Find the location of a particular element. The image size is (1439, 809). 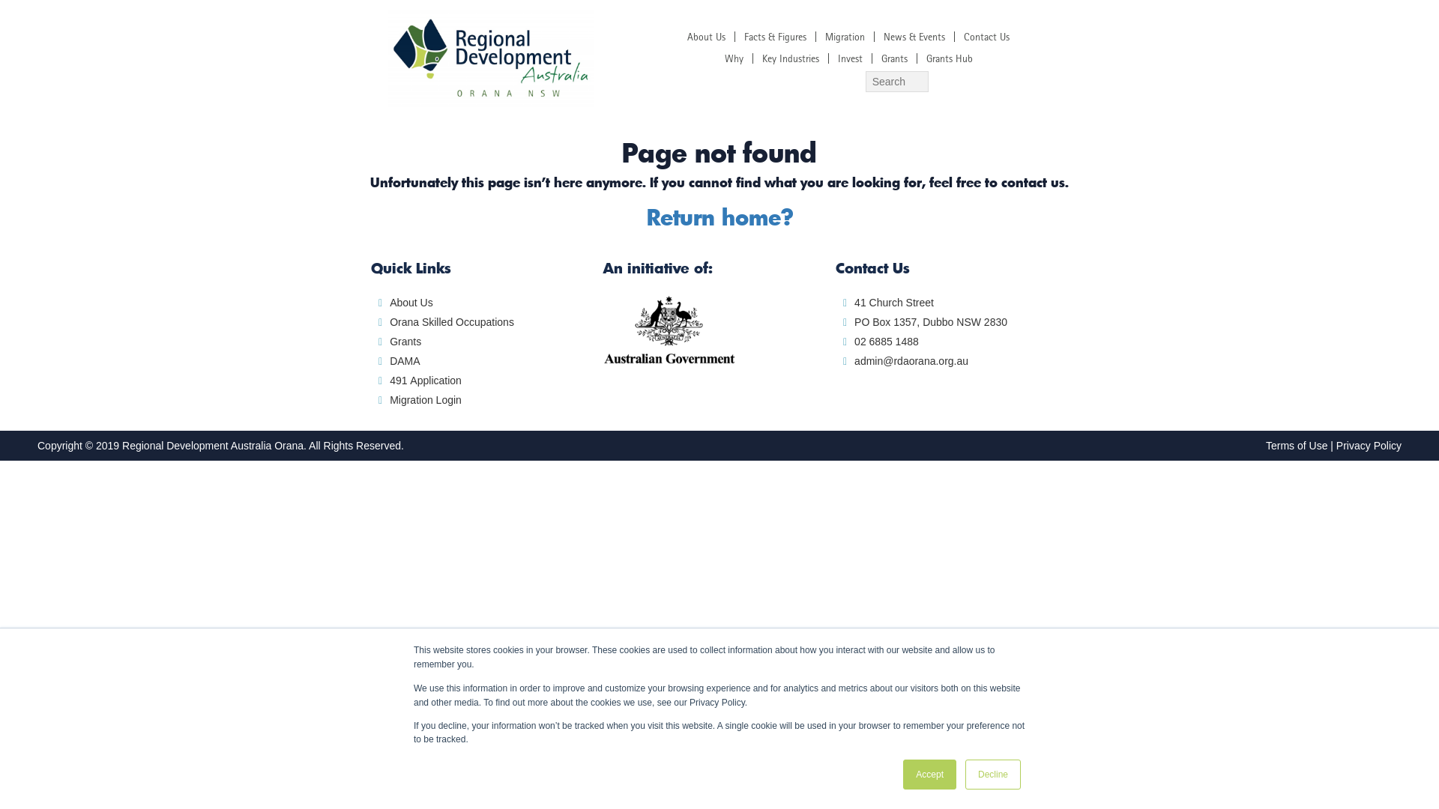

'DAMA' is located at coordinates (404, 361).